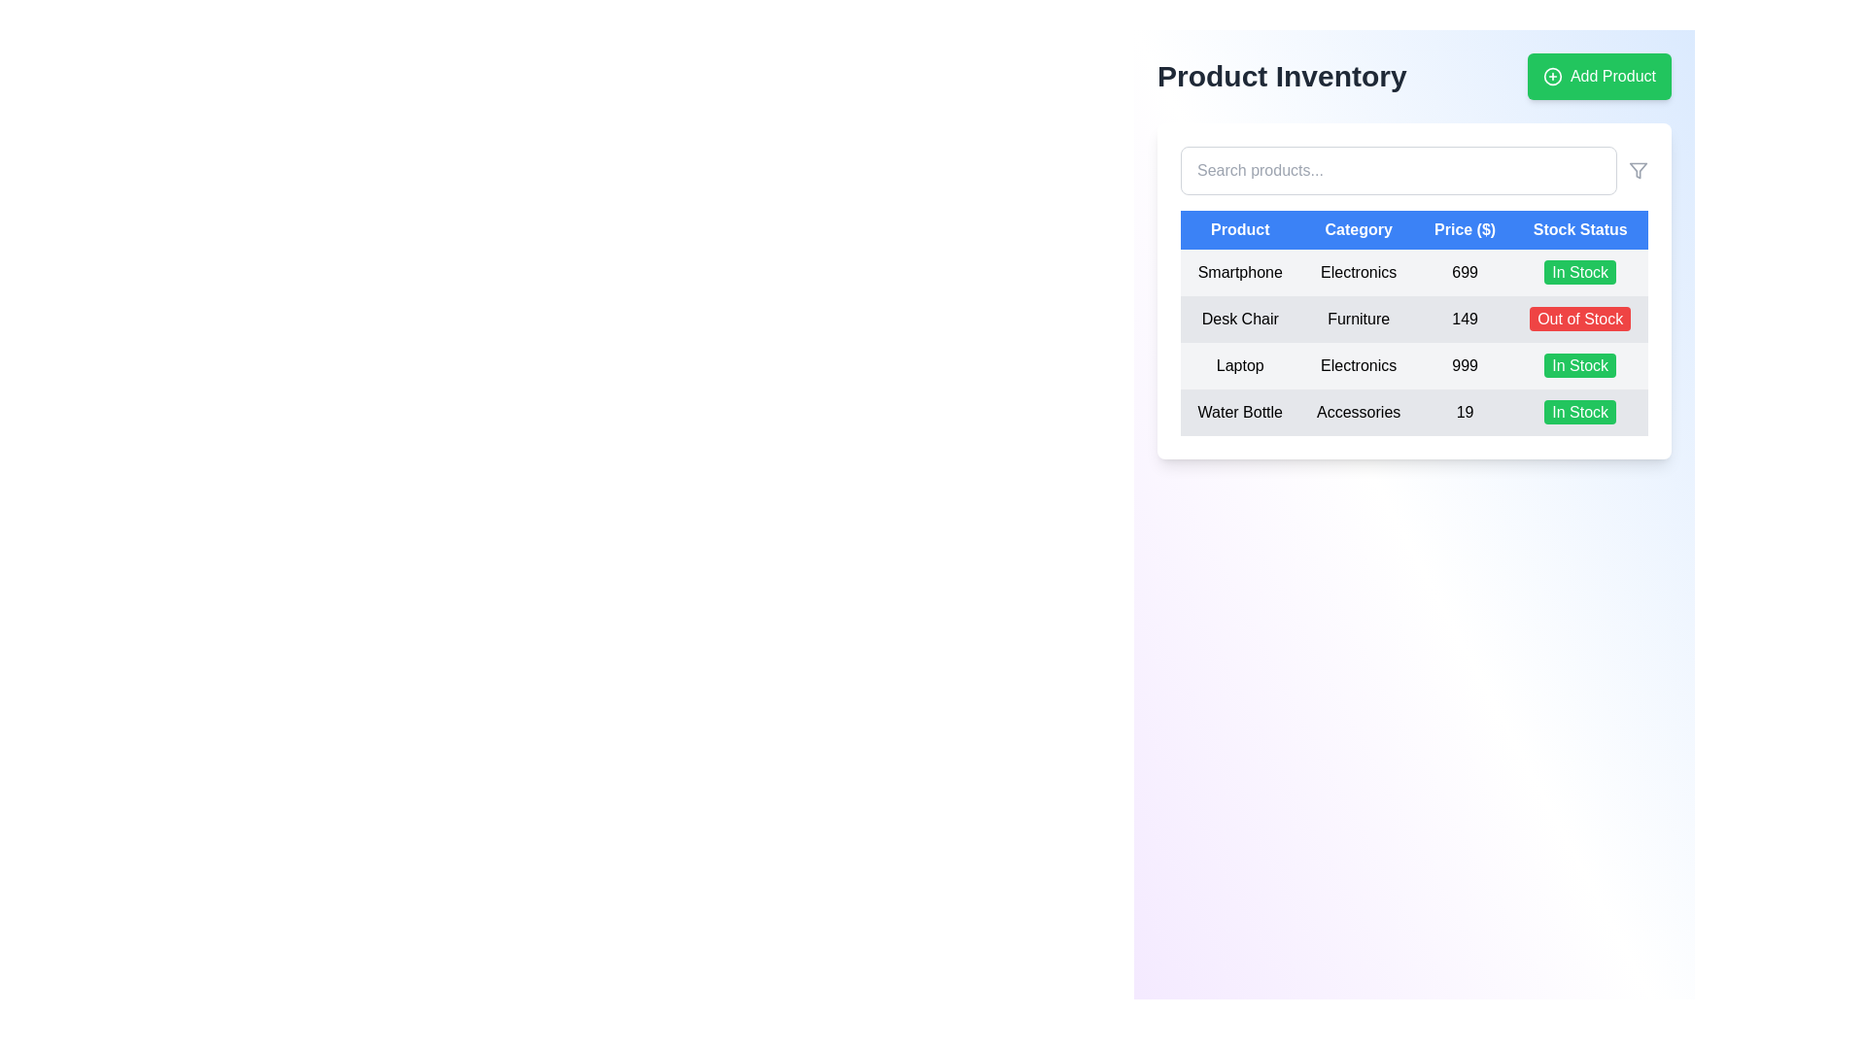  What do you see at coordinates (1580, 228) in the screenshot?
I see `the header cell labeled 'Stock Status' with a blue background and white text, which is the fourth header cell in the row of the table` at bounding box center [1580, 228].